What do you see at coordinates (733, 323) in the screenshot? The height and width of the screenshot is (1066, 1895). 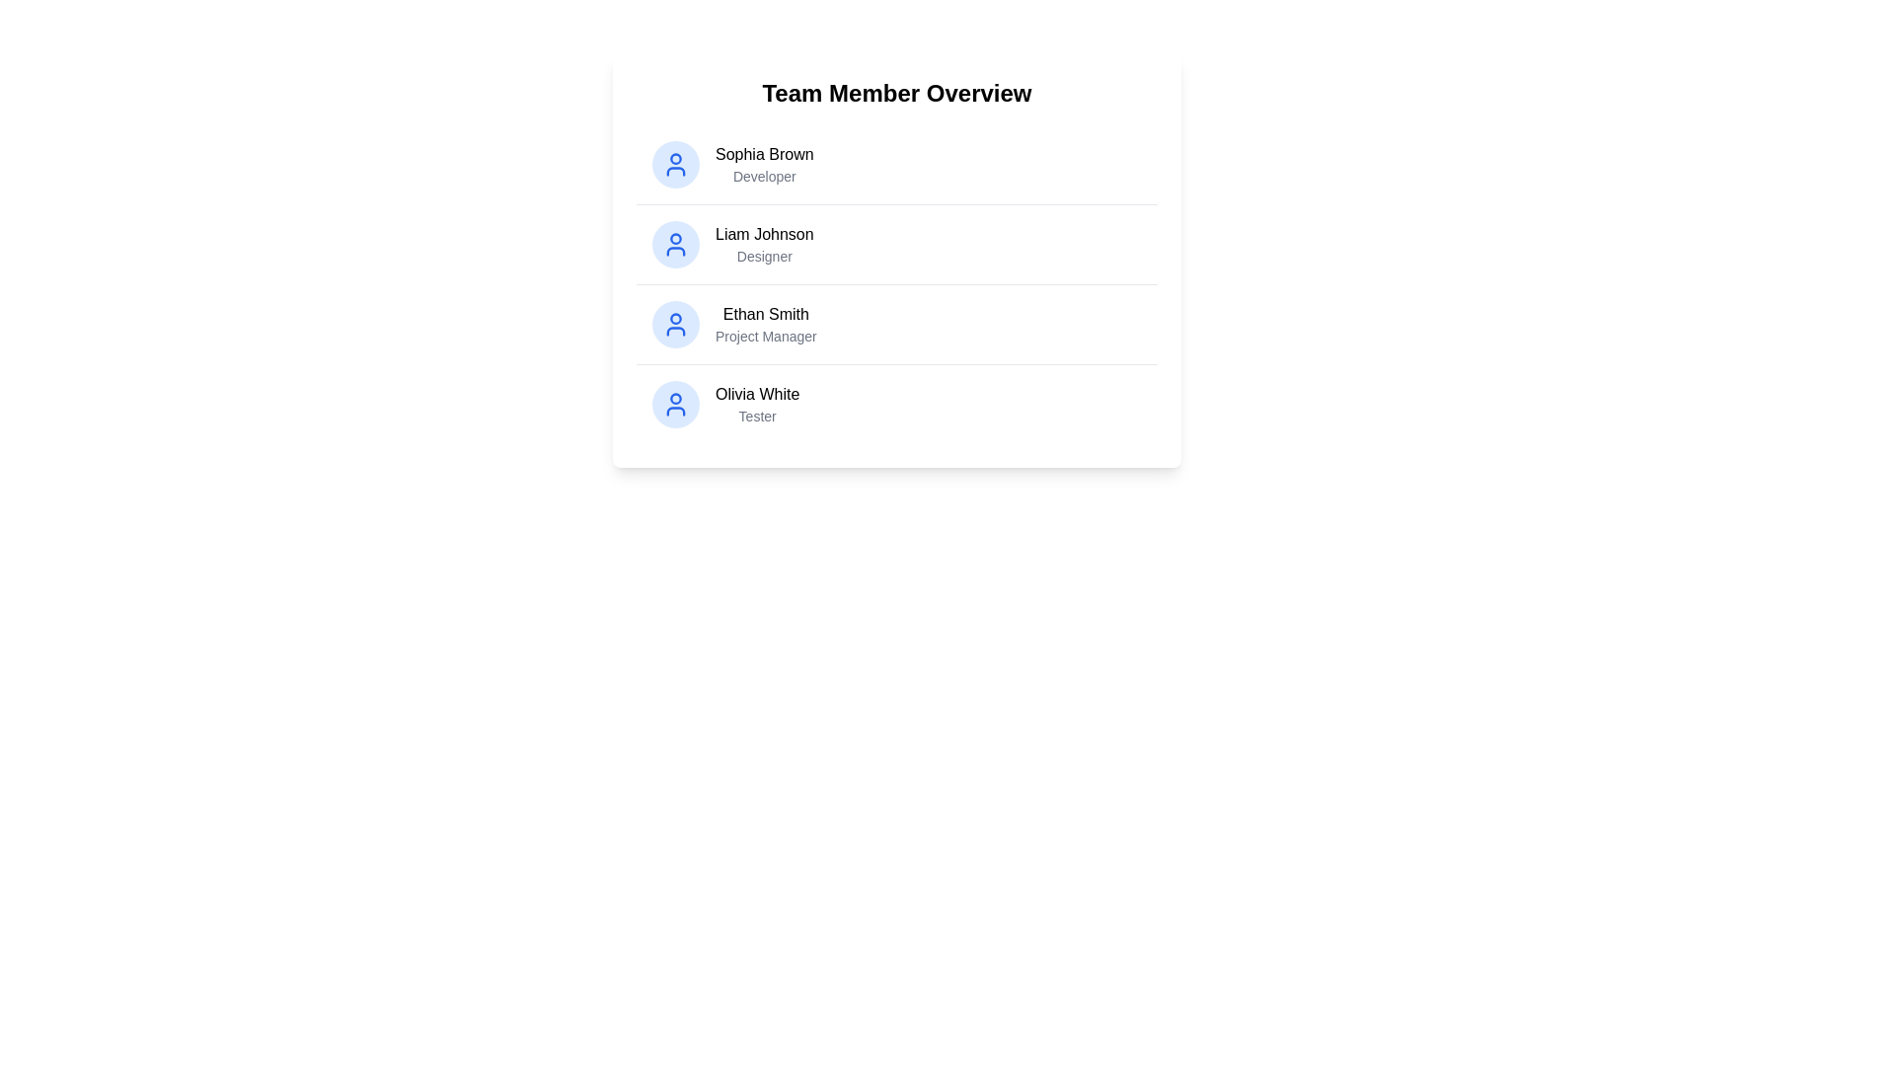 I see `the Profile Information Card that displays information about a team member, positioned third in the list under 'Team Member Overview'` at bounding box center [733, 323].